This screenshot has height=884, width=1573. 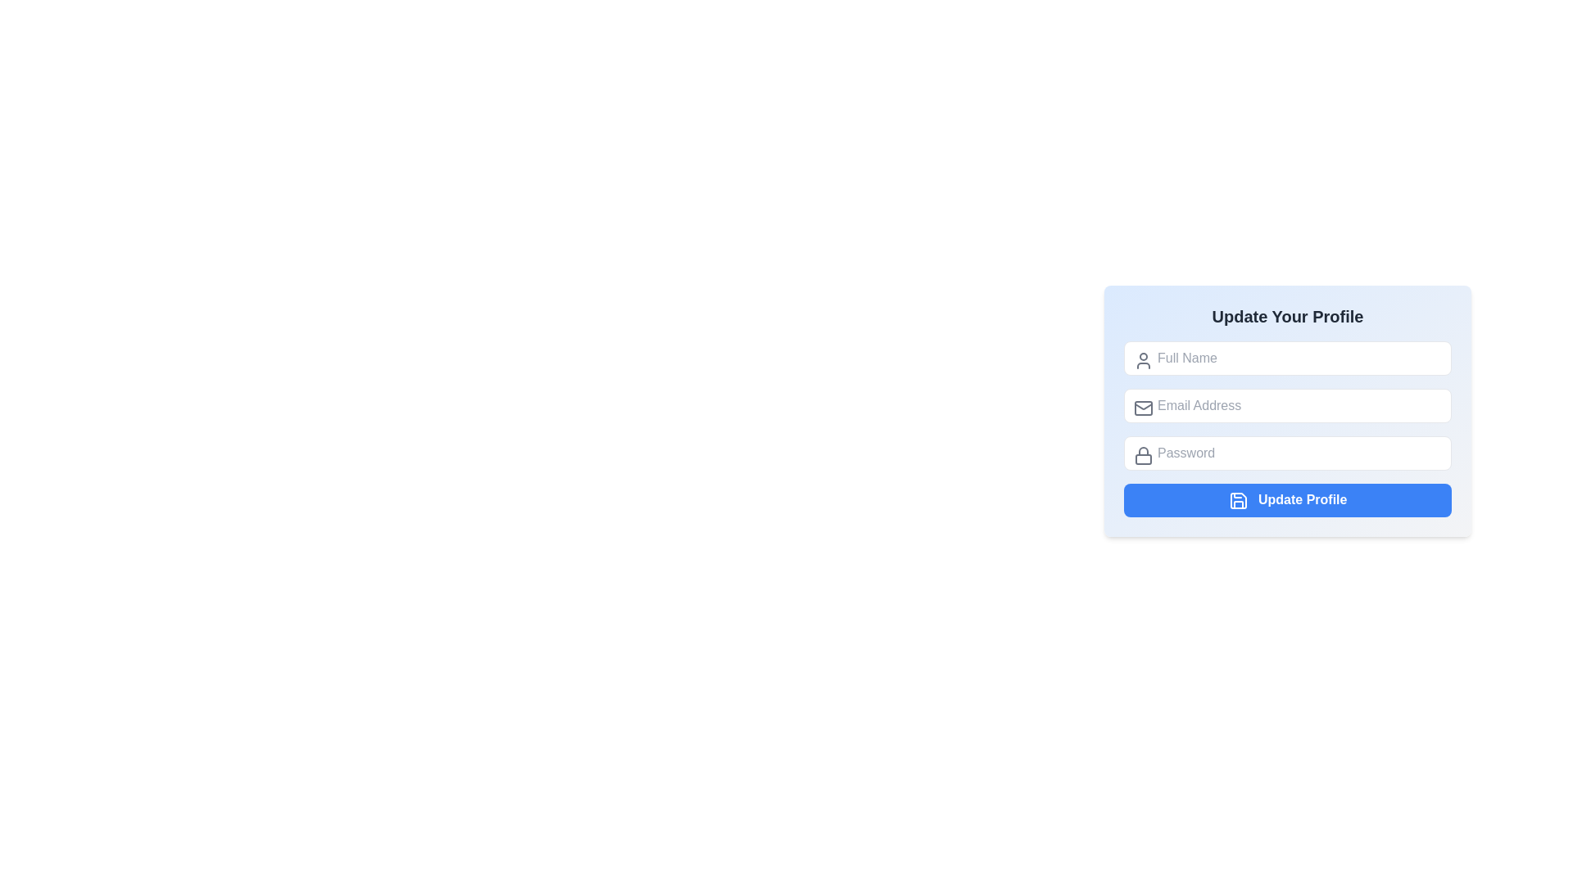 What do you see at coordinates (1238, 499) in the screenshot?
I see `the 'Update Profile' button which contains the floppy disk icon on its left side` at bounding box center [1238, 499].